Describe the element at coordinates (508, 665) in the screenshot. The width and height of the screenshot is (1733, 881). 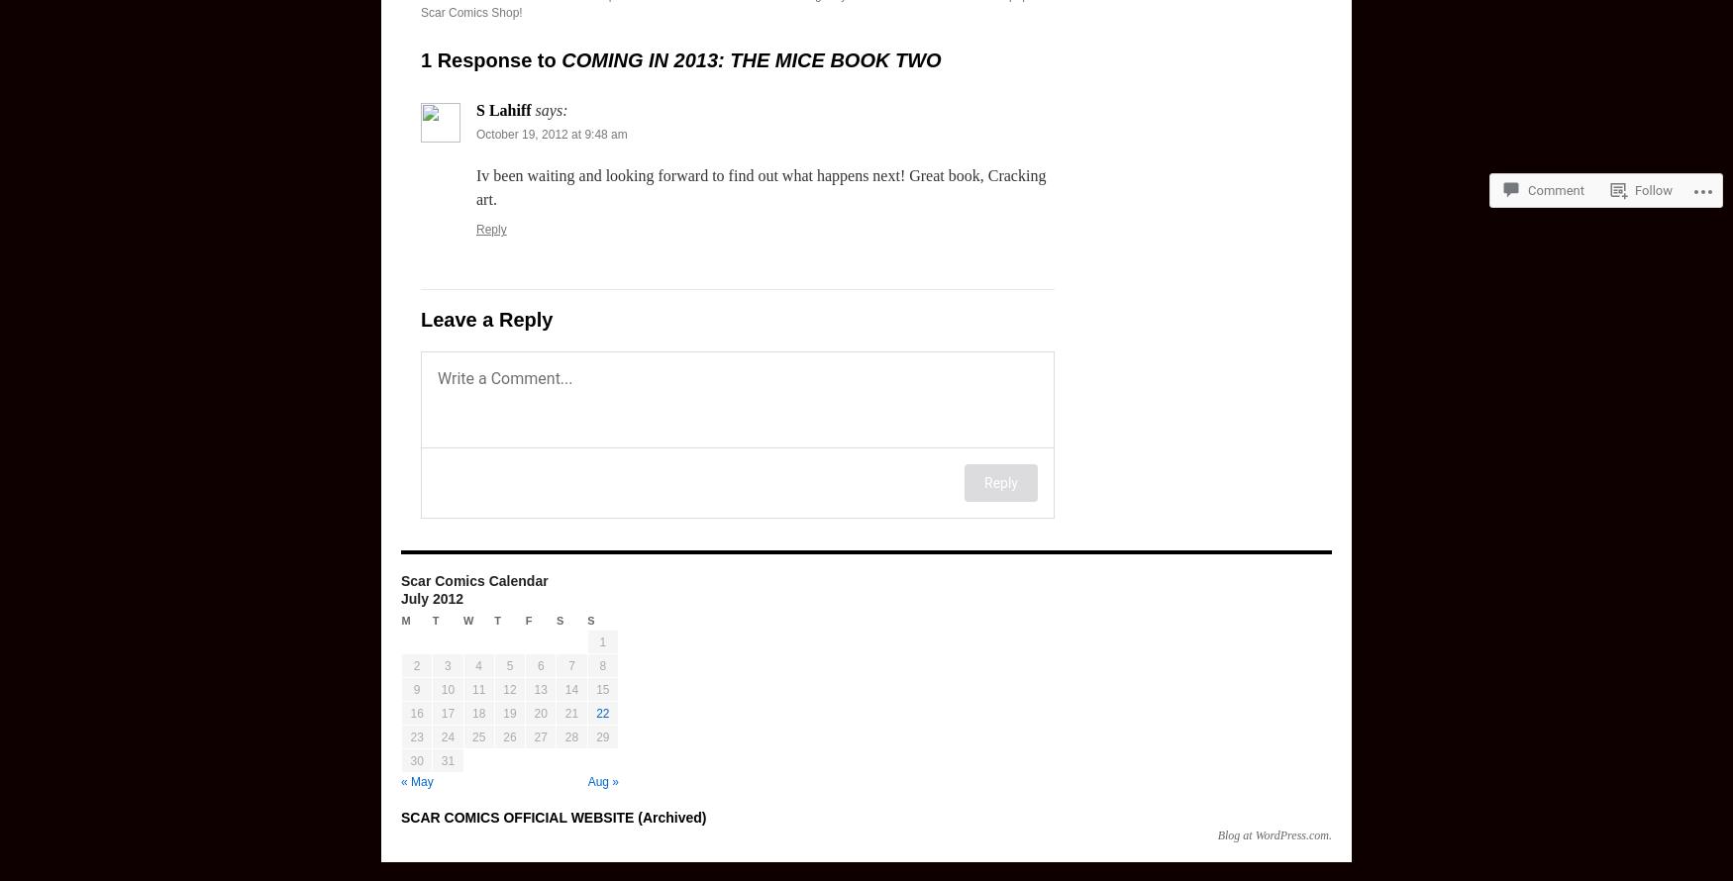
I see `'5'` at that location.